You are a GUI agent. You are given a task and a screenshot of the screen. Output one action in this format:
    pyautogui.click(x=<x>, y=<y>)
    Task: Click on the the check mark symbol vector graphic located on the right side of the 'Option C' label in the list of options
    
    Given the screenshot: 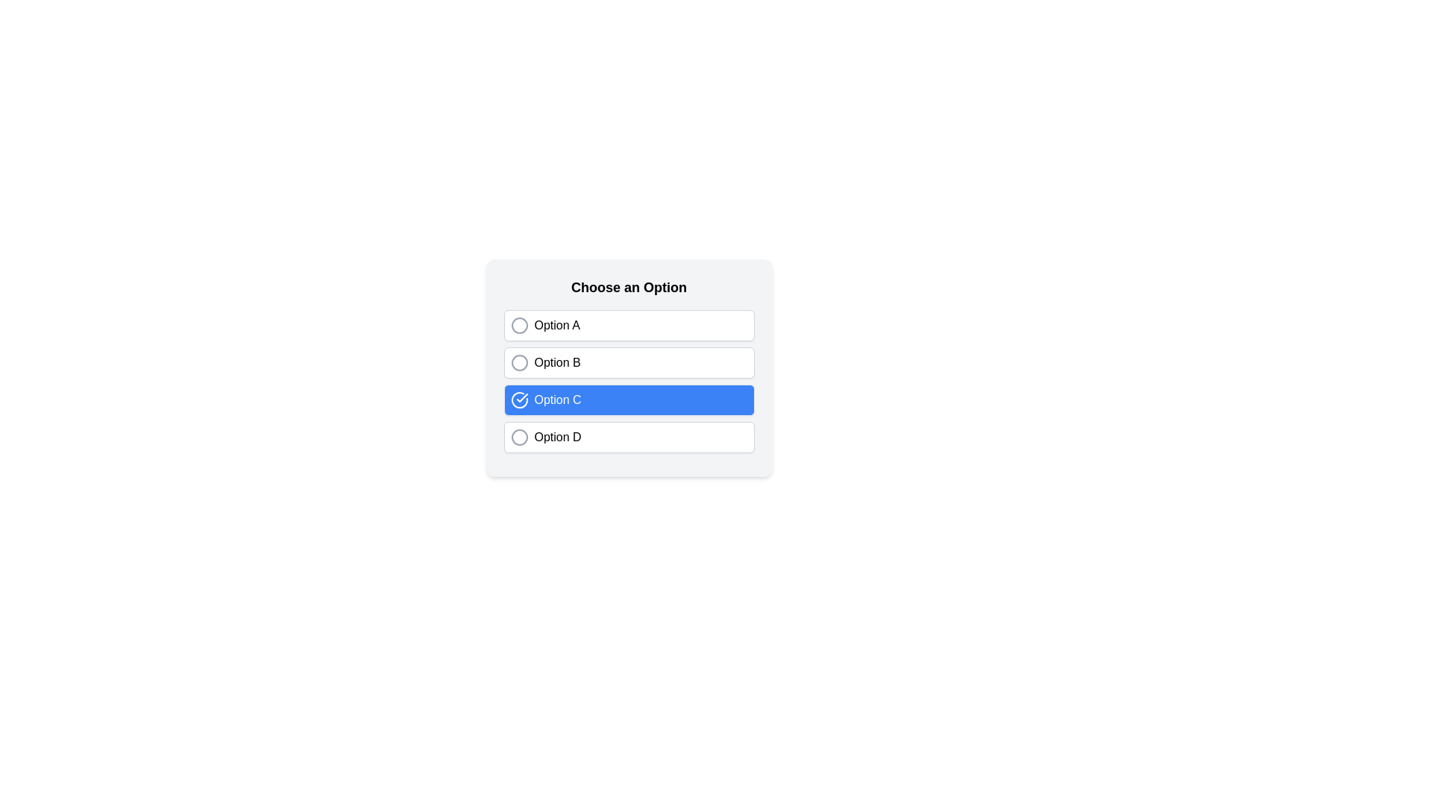 What is the action you would take?
    pyautogui.click(x=522, y=397)
    